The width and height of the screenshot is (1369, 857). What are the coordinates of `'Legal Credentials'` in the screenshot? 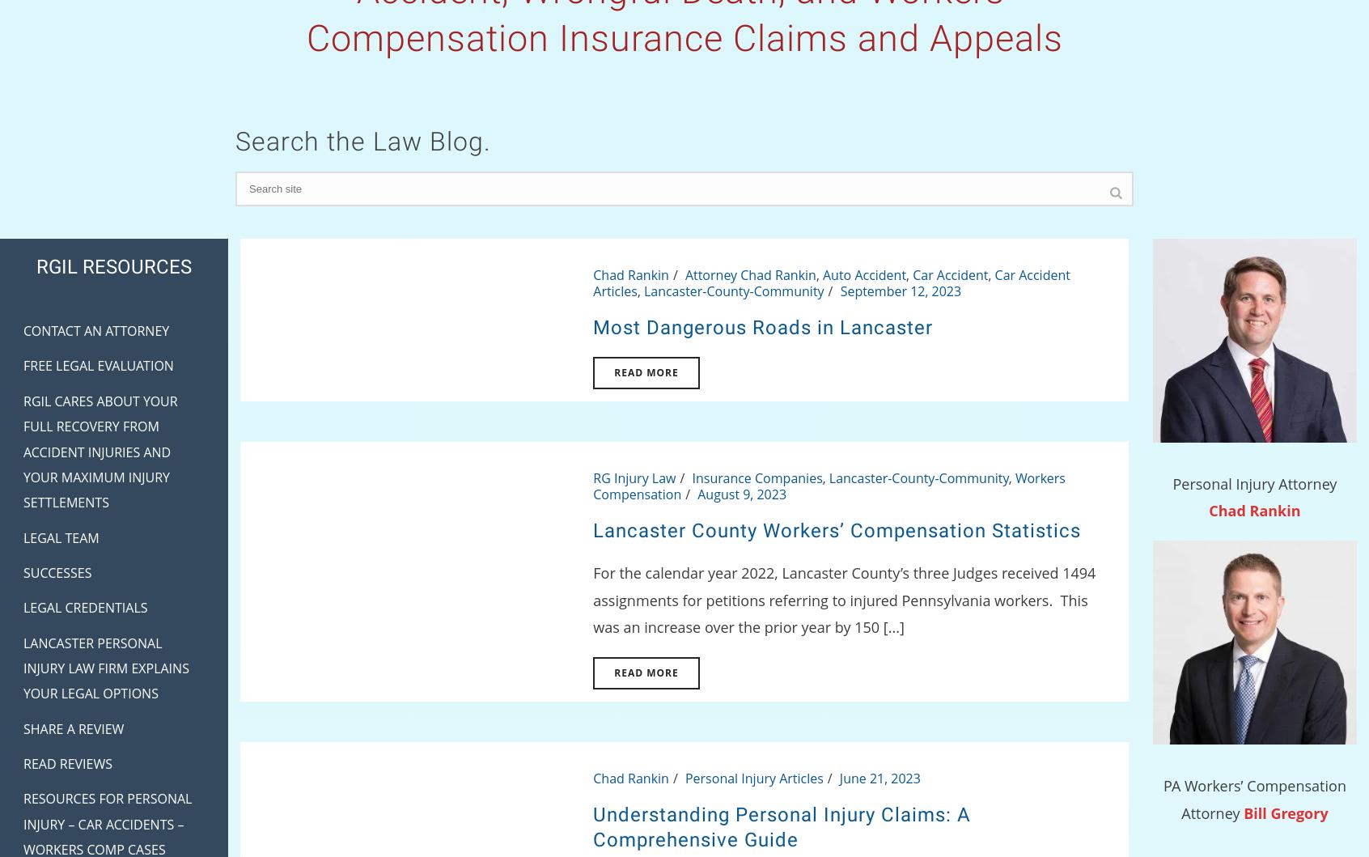 It's located at (22, 607).